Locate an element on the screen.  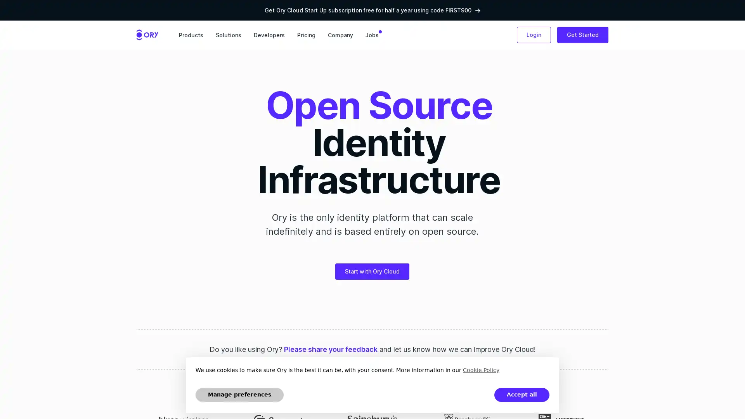
Manage preferences is located at coordinates (239, 395).